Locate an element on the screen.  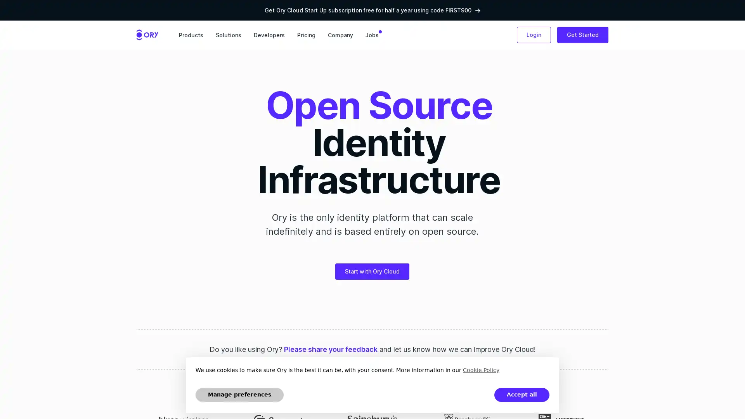
Manage preferences is located at coordinates (239, 395).